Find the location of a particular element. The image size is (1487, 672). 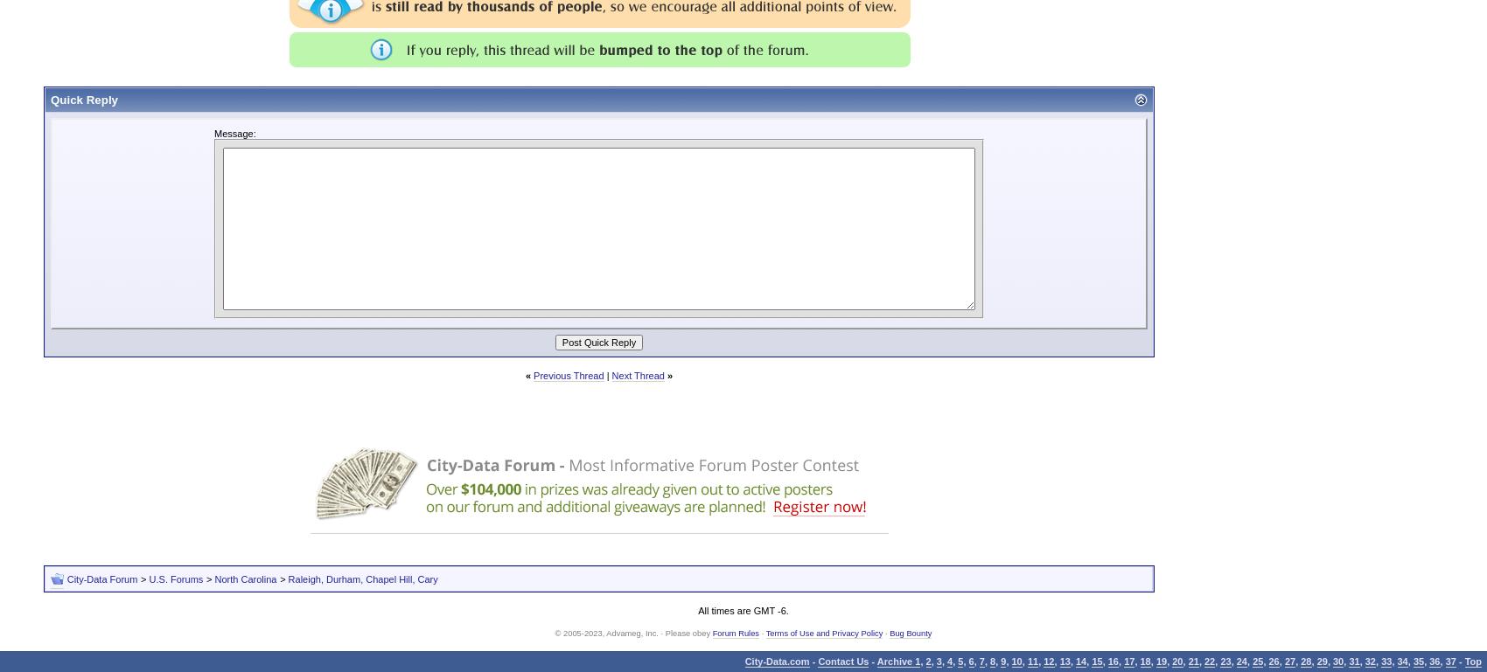

'37' is located at coordinates (1449, 661).